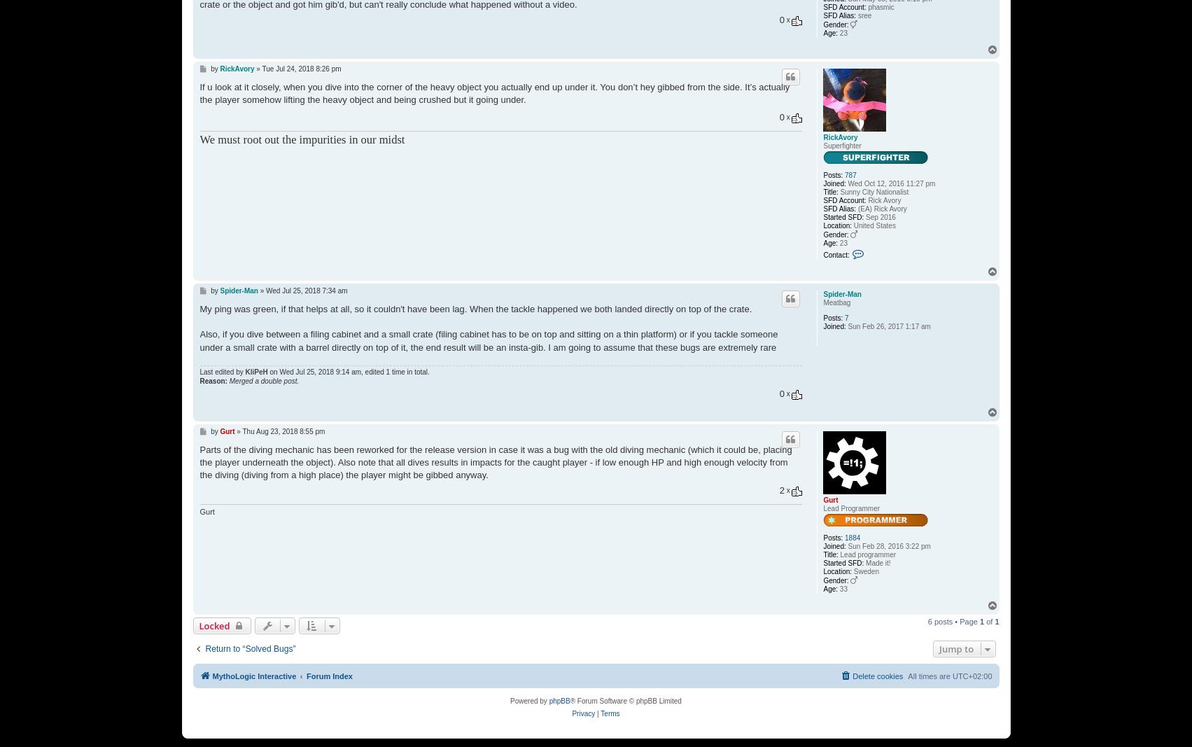 Image resolution: width=1192 pixels, height=747 pixels. Describe the element at coordinates (882, 200) in the screenshot. I see `'Rick Avory'` at that location.